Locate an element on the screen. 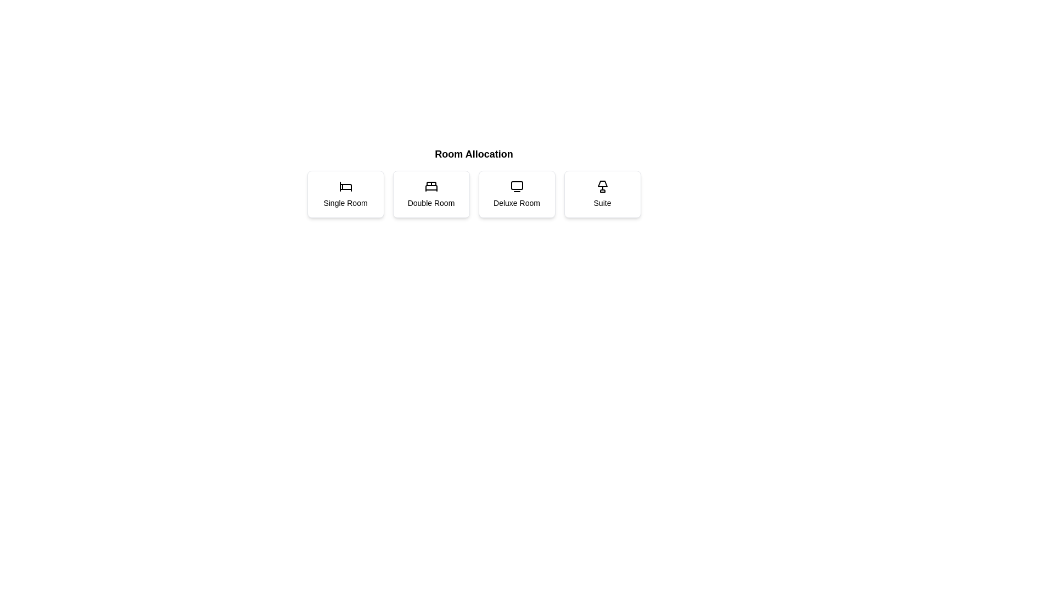  the room option for Single Room is located at coordinates (345, 194).